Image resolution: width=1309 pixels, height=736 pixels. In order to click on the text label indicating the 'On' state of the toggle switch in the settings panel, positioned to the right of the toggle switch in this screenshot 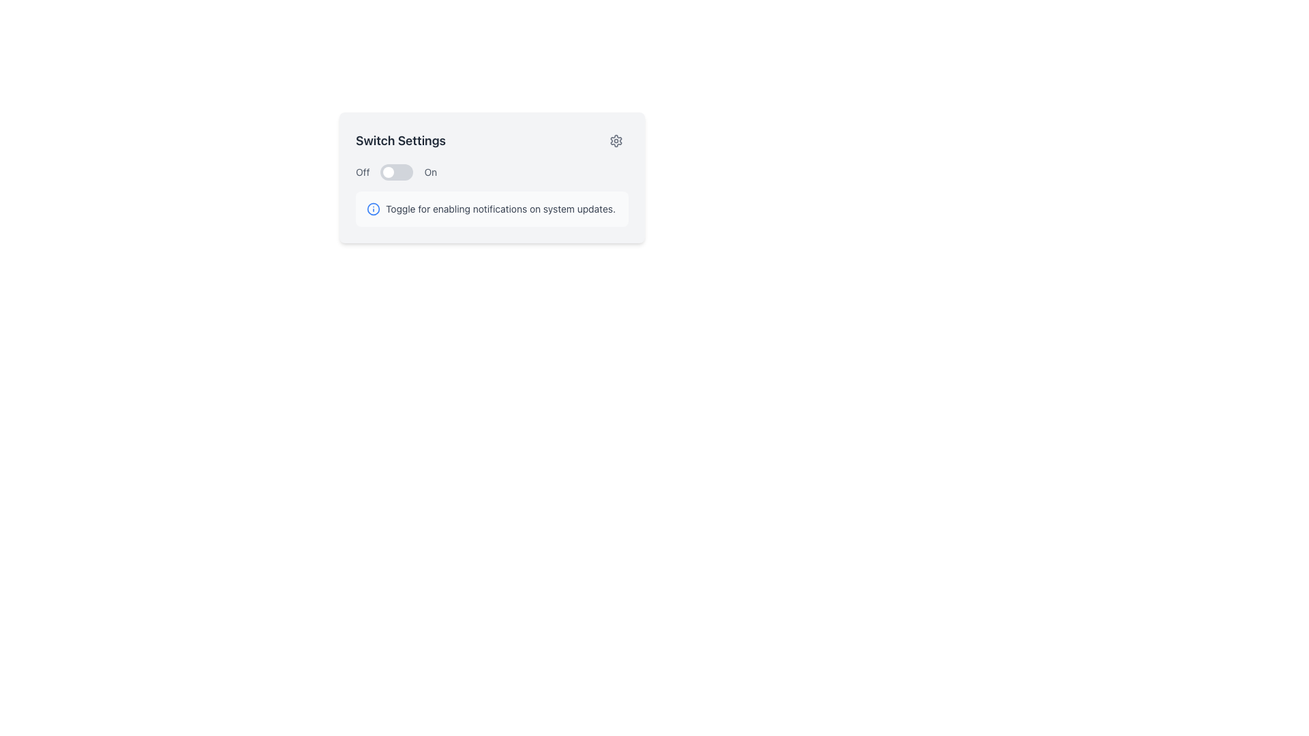, I will do `click(430, 172)`.